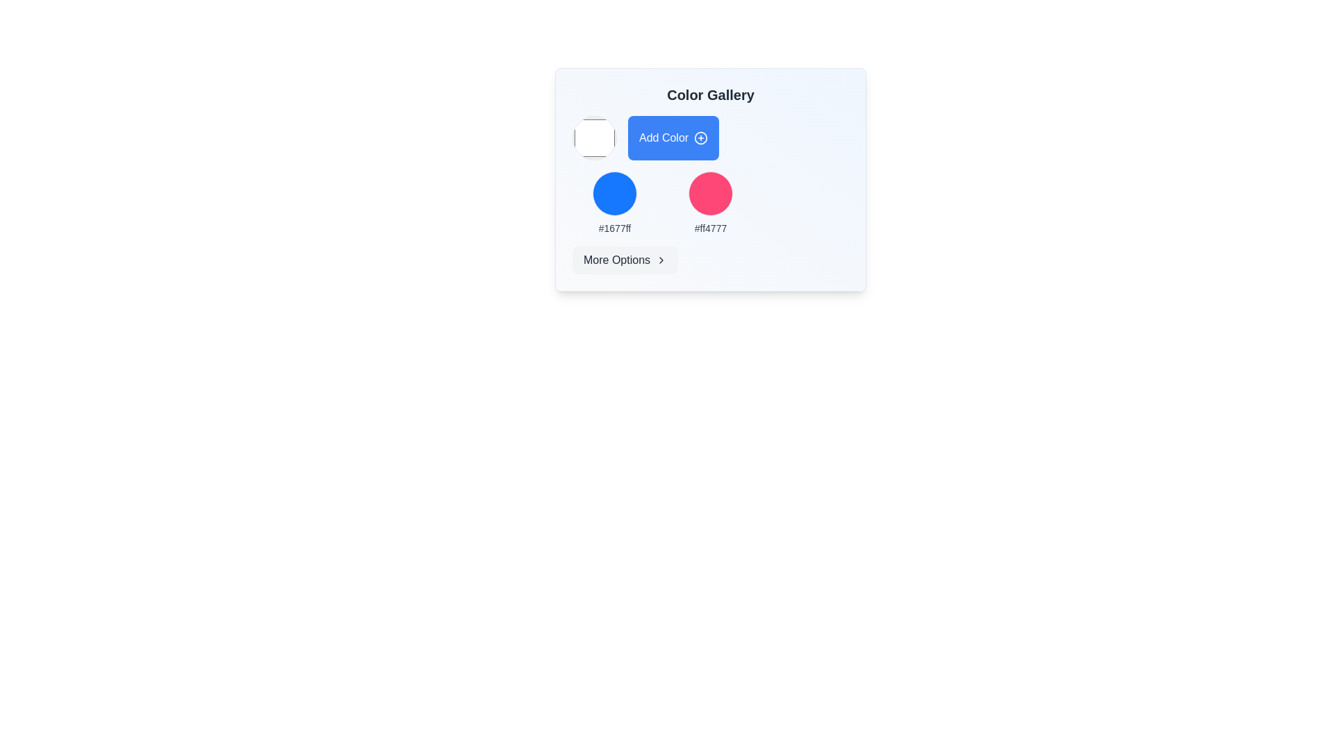  I want to click on the 'Add' icon within the 'Add Color' button located at the top of the interface in the 'Color Gallery' card, so click(701, 138).